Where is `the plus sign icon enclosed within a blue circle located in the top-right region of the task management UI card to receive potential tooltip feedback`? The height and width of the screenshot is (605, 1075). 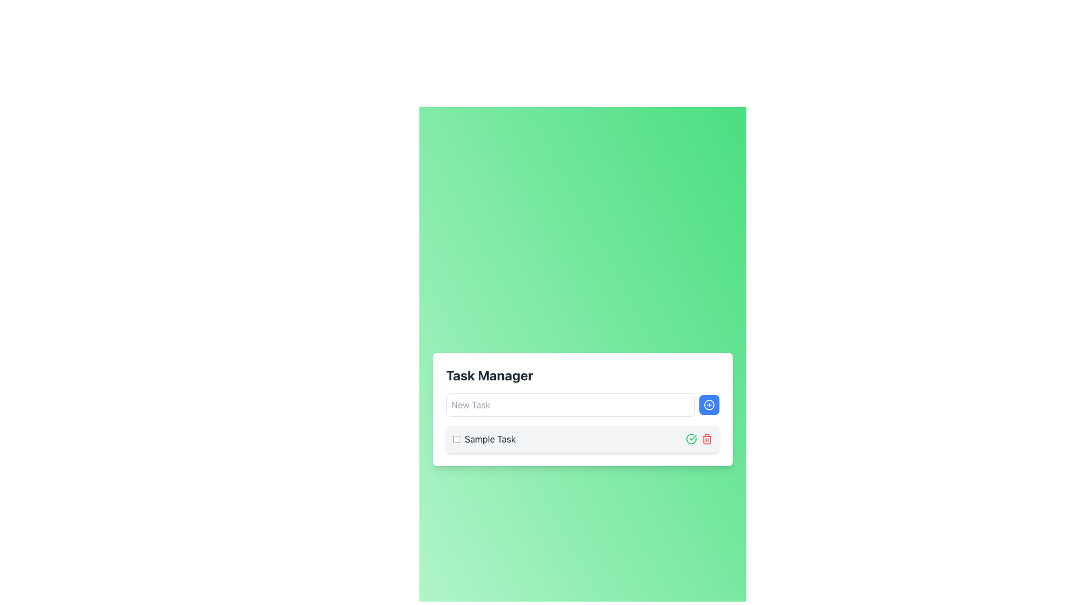
the plus sign icon enclosed within a blue circle located in the top-right region of the task management UI card to receive potential tooltip feedback is located at coordinates (709, 404).